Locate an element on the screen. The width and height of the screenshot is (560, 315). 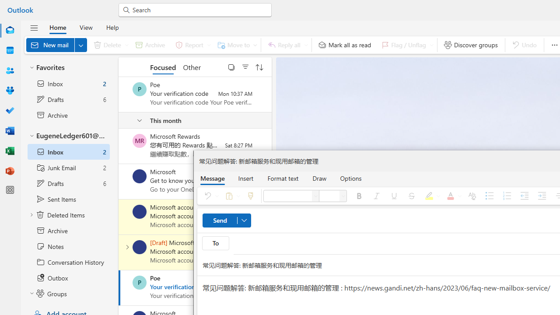
'Hide navigation pane' is located at coordinates (34, 27).